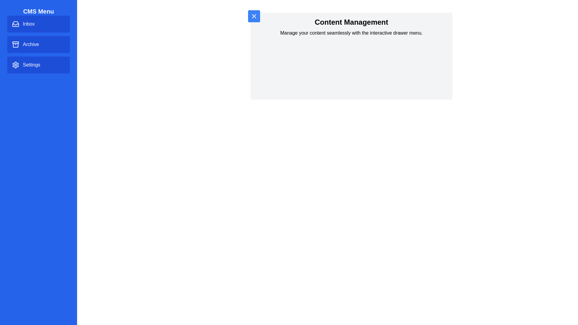  What do you see at coordinates (254, 16) in the screenshot?
I see `button in the top-left corner to toggle the drawer` at bounding box center [254, 16].